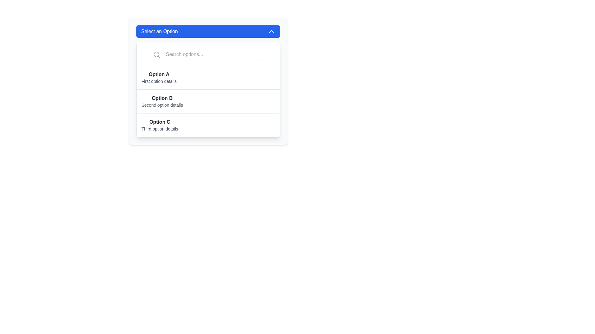 This screenshot has height=334, width=595. Describe the element at coordinates (208, 81) in the screenshot. I see `an option in the dropdown menu with a search bar` at that location.